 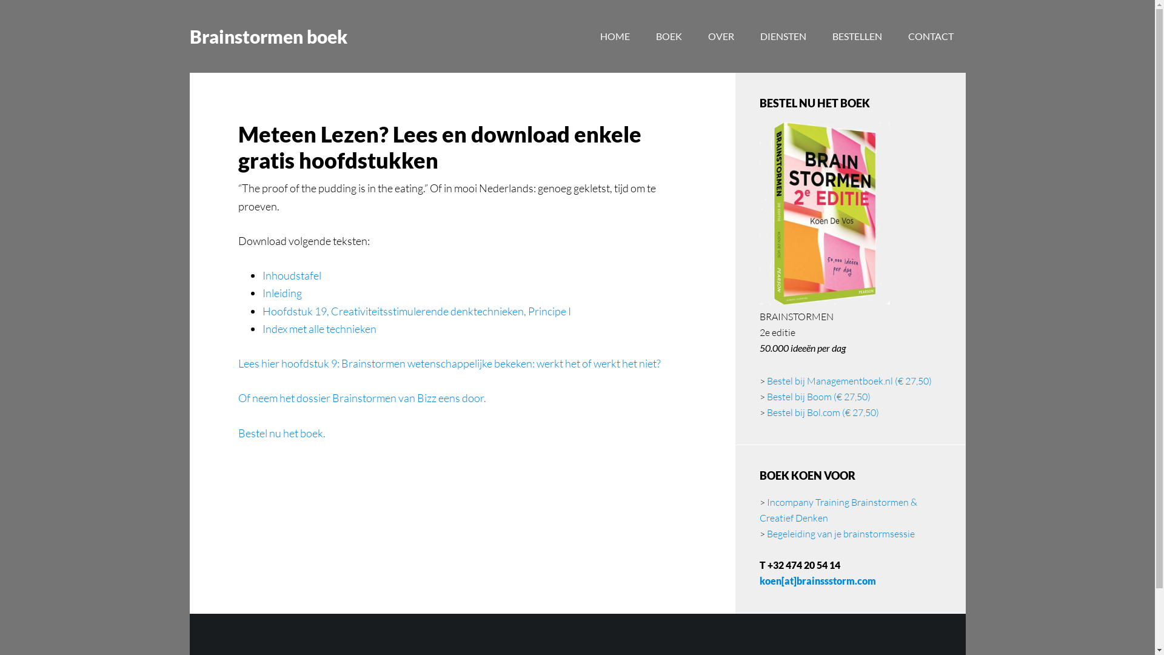 I want to click on 'Incompany Training Brainstormen & Creatief Denken', so click(x=837, y=509).